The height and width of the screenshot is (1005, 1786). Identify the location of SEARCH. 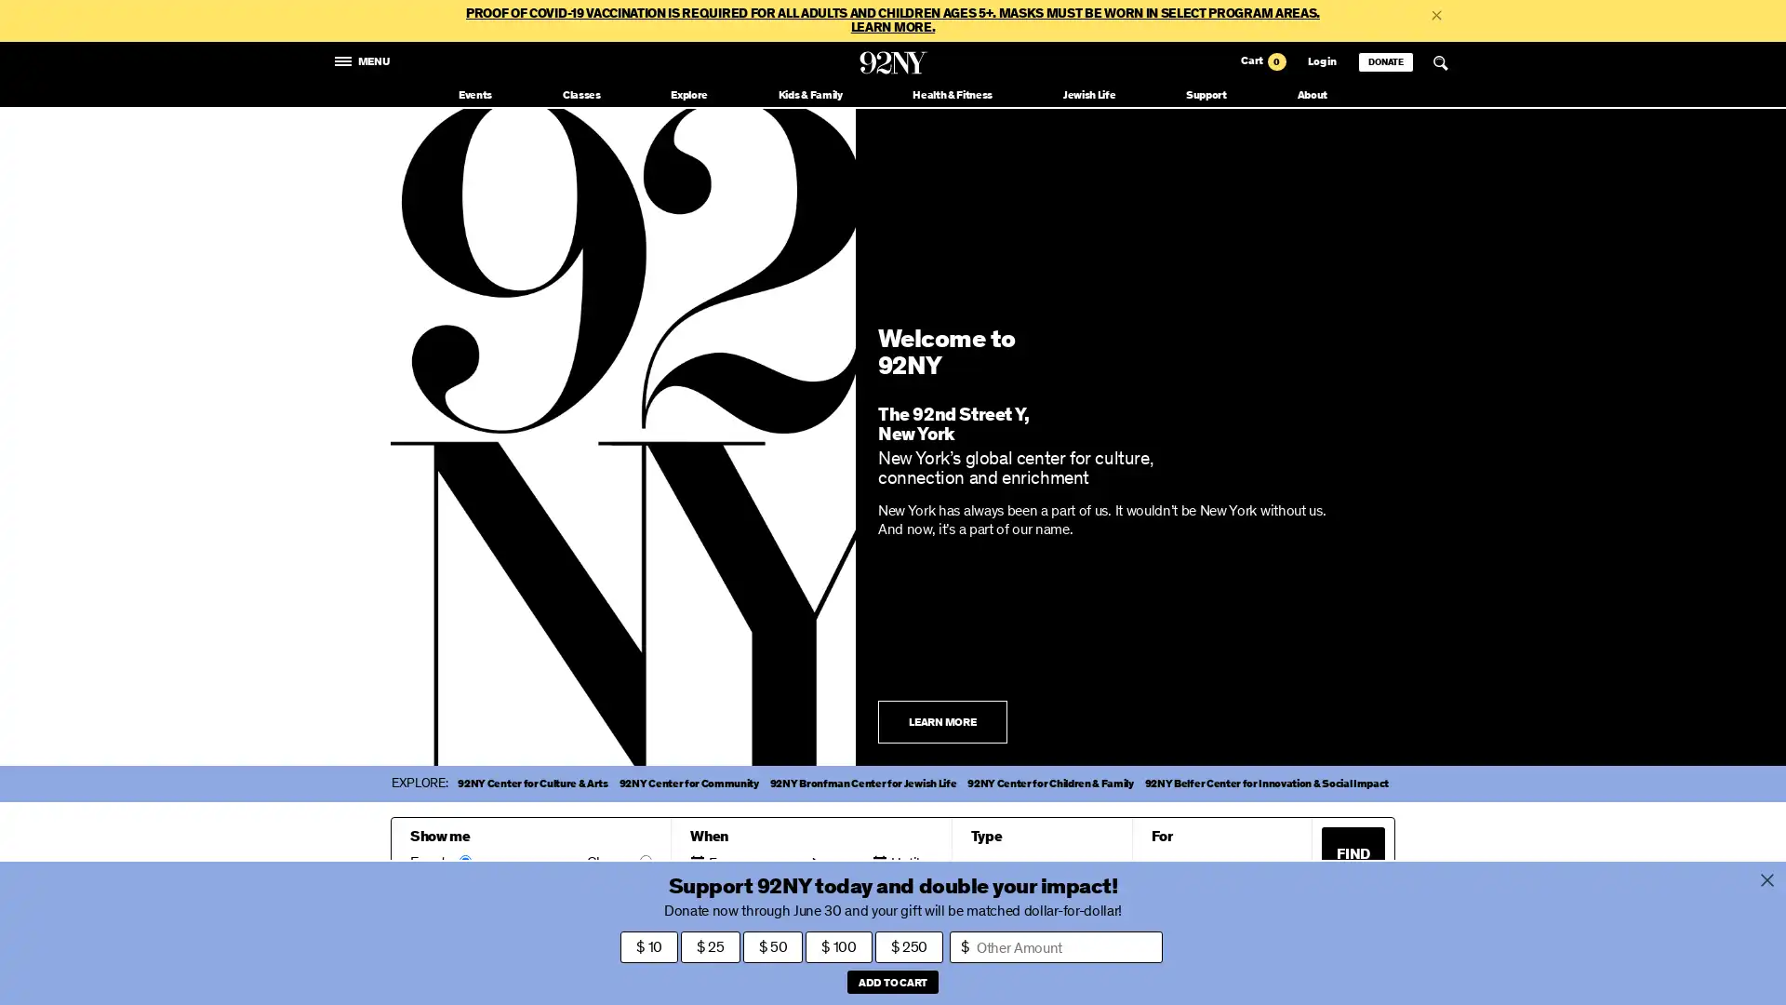
(1440, 62).